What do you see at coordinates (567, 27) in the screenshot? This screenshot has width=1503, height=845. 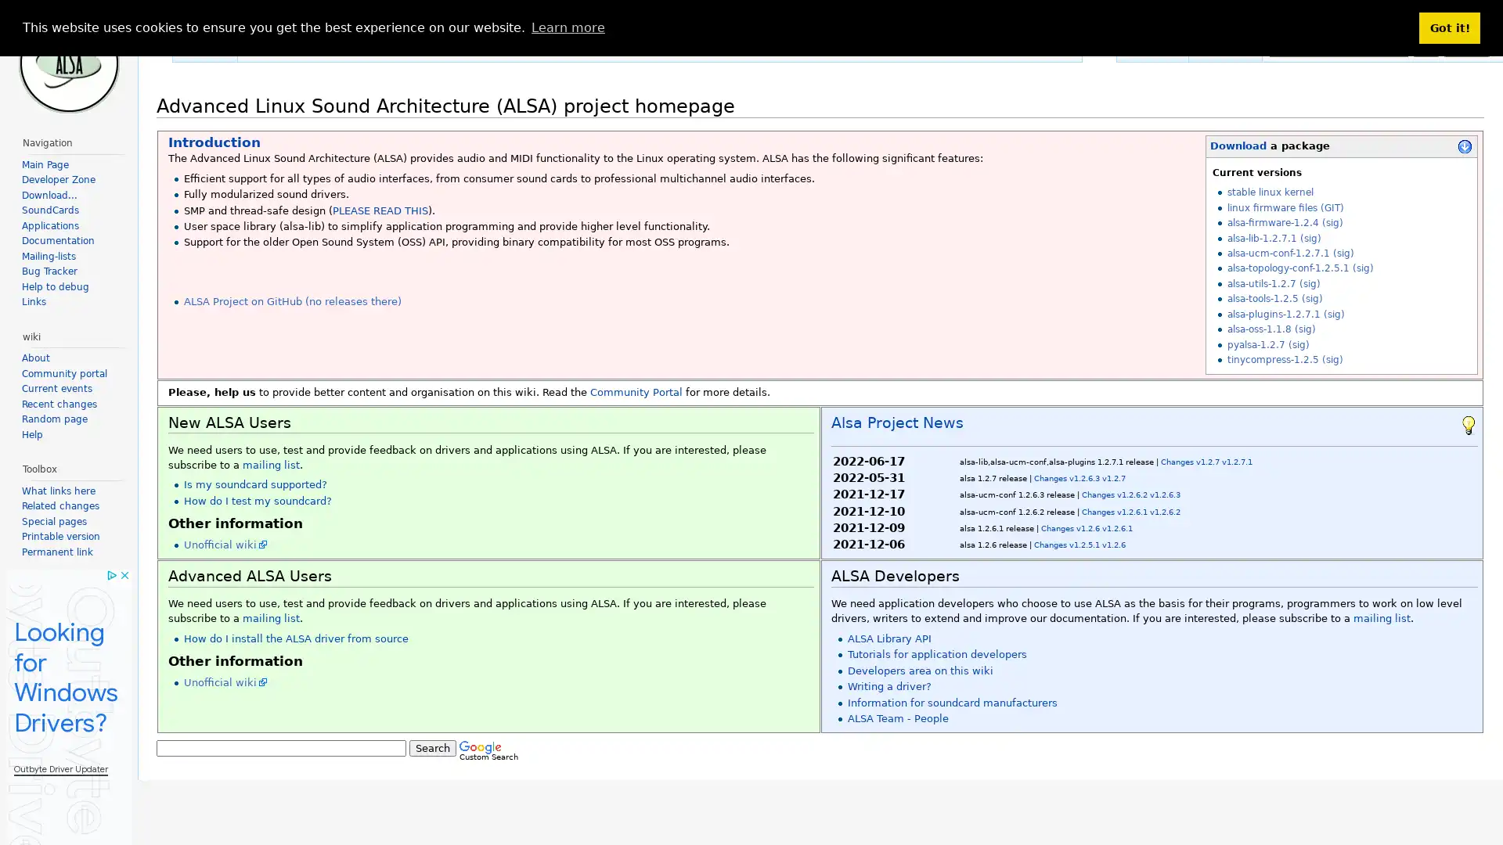 I see `learn more about cookies` at bounding box center [567, 27].